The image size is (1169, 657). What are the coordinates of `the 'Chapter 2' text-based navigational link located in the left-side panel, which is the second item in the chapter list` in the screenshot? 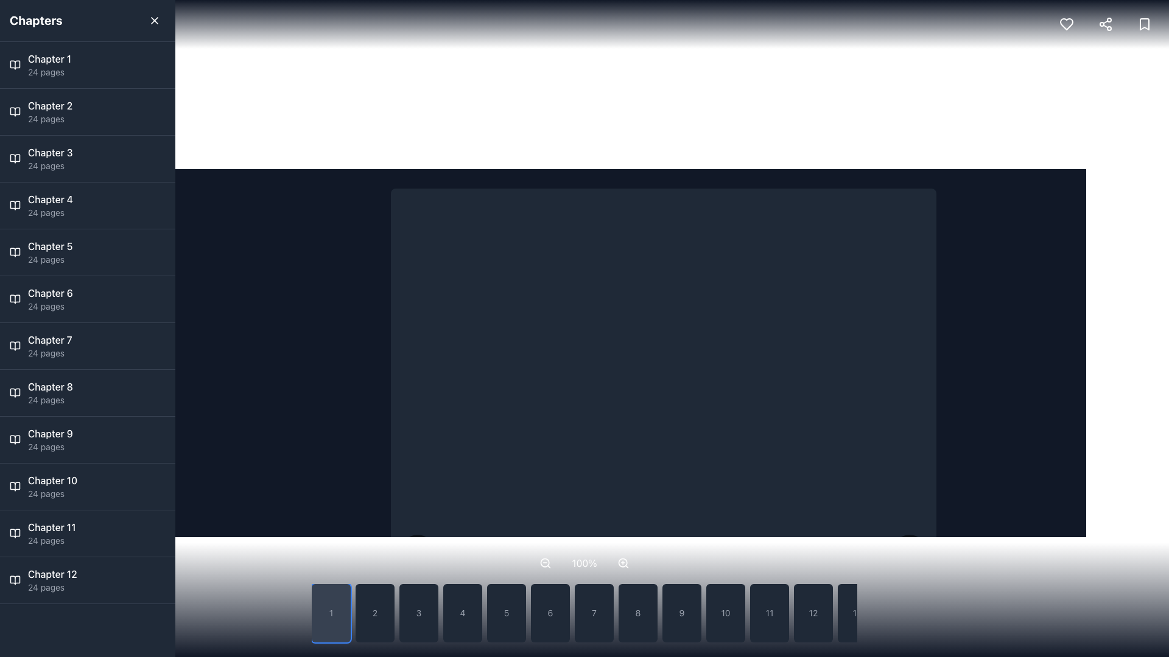 It's located at (49, 112).